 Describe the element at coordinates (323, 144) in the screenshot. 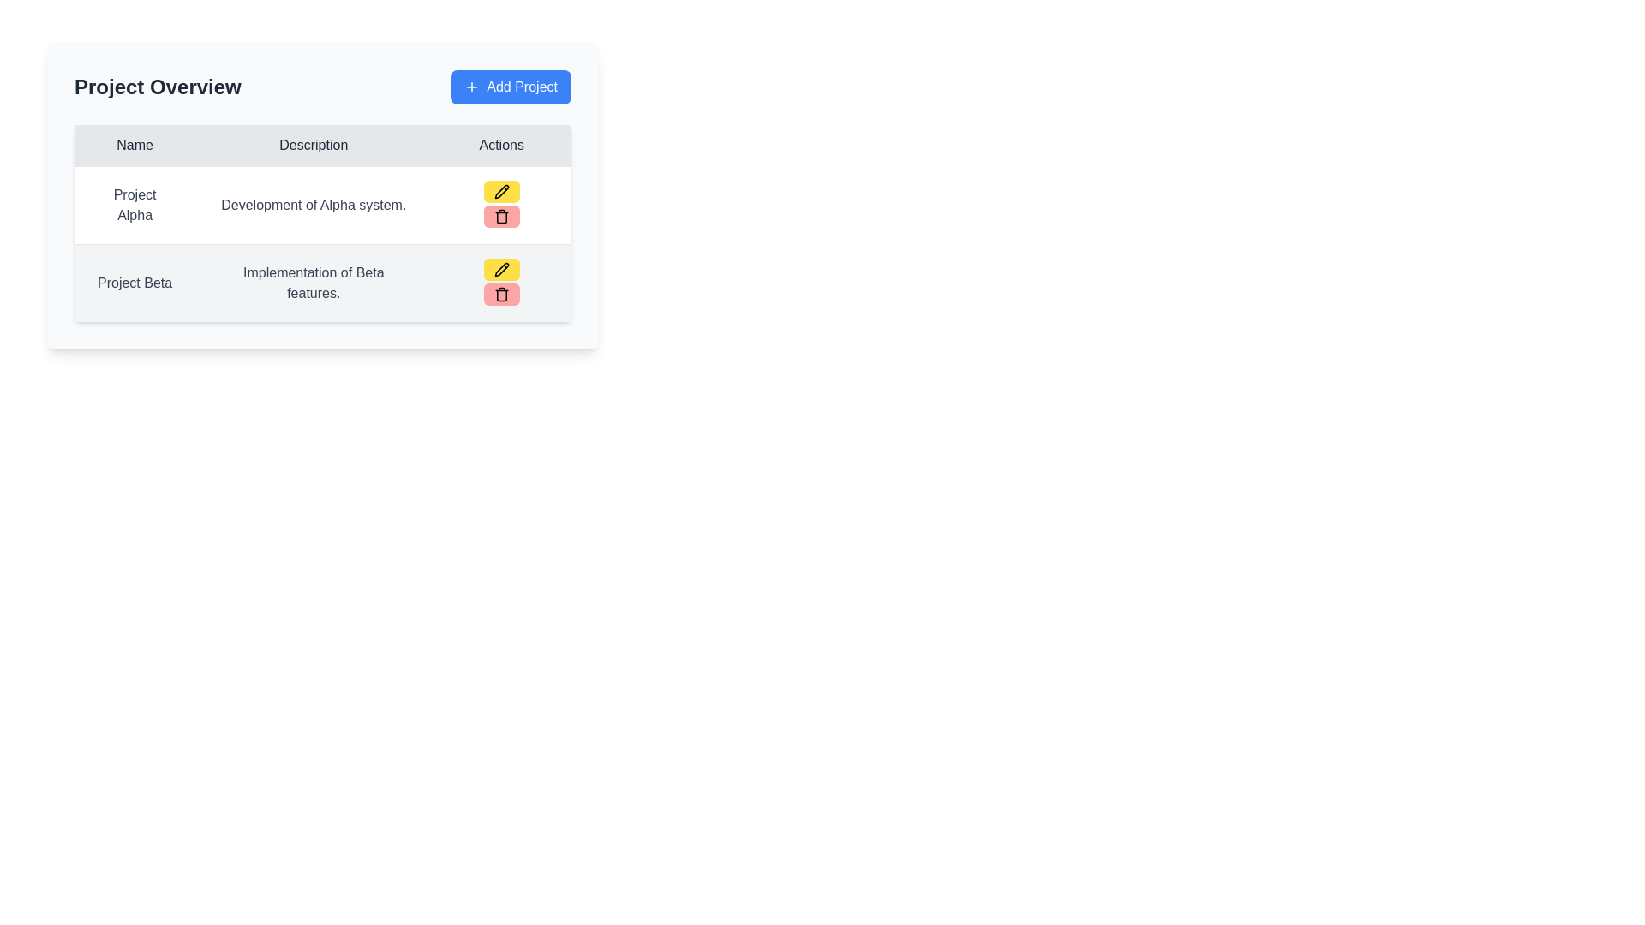

I see `the Table Header Row containing the cells 'Name', 'Description', and 'Actions', which is located at the top of the data table in the 'Project Overview' section` at that location.